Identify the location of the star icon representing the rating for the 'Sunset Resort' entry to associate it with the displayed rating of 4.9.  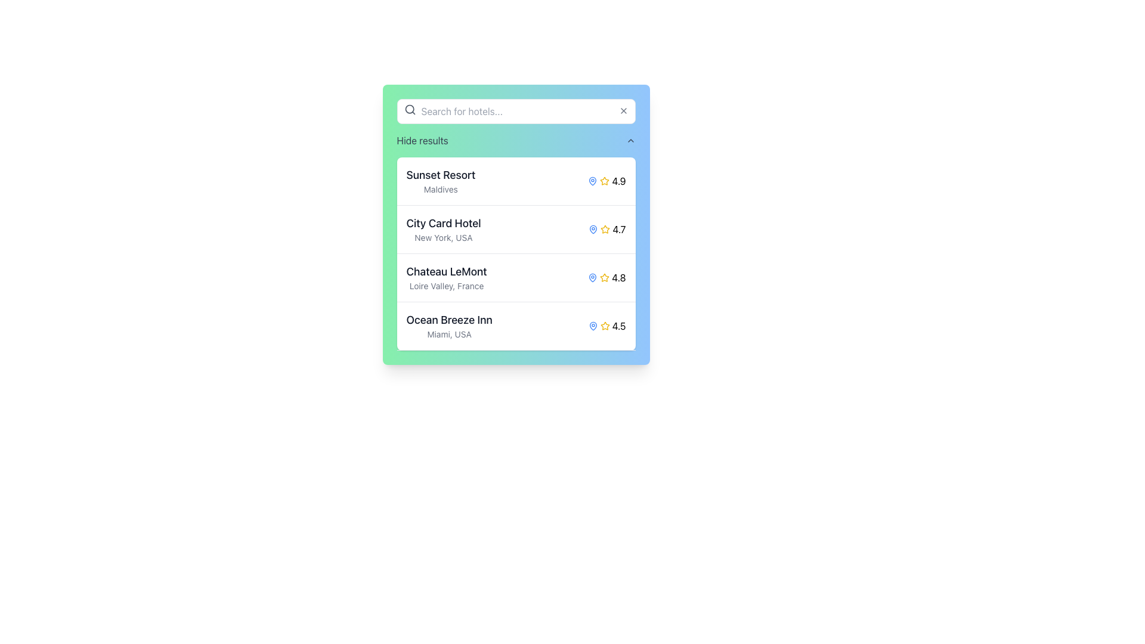
(606, 181).